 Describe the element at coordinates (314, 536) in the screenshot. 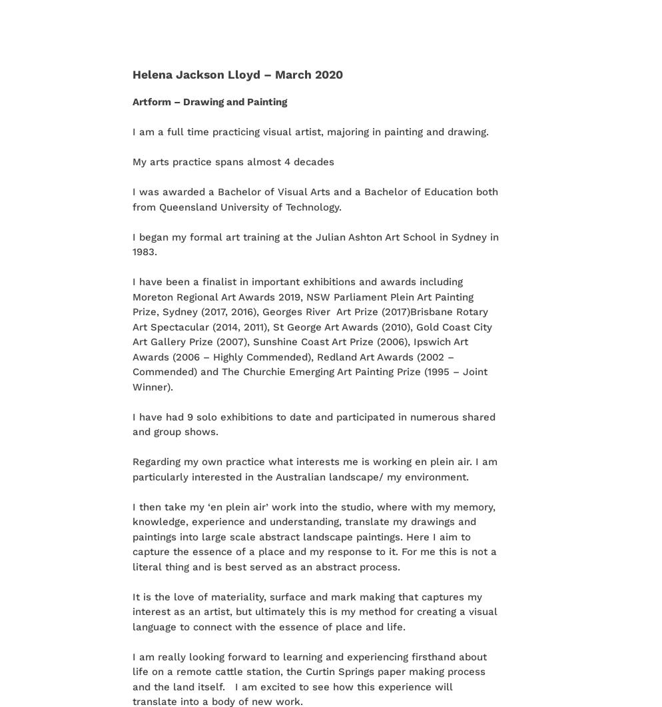

I see `'I then take my ‘en plein air’ work into the studio, where with my memory, knowledge, experience and understanding, translate my drawings and paintings into large scale abstract landscape paintings. Here I aim to capture the essence of a place and my response to it. For me this is not a literal thing and is best served as an abstract process.'` at that location.